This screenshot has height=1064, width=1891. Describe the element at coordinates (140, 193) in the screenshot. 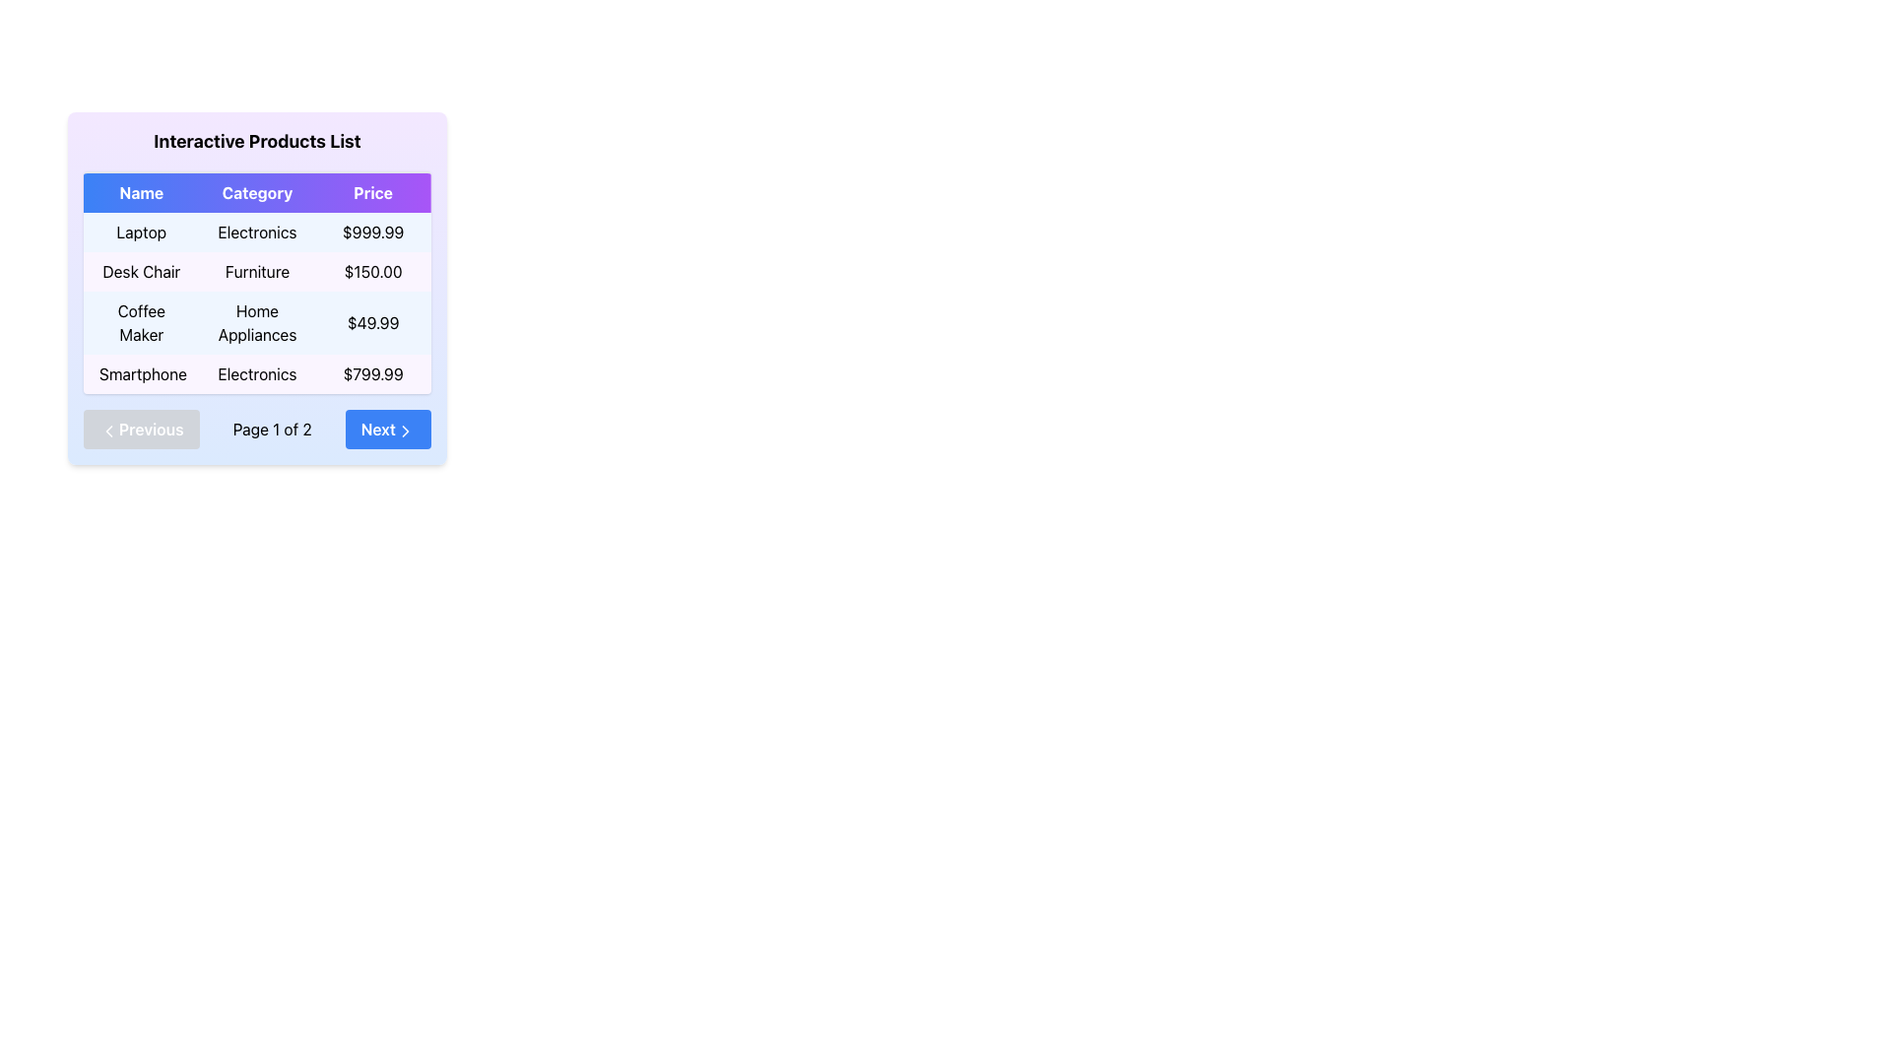

I see `the text content of the 'Name' column header cell located at the top-left corner of the table header` at that location.